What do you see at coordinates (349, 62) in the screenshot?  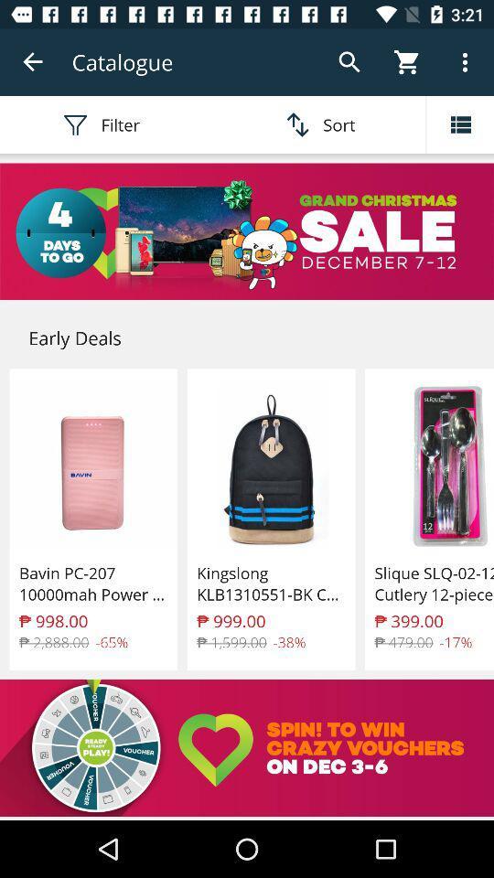 I see `search button` at bounding box center [349, 62].